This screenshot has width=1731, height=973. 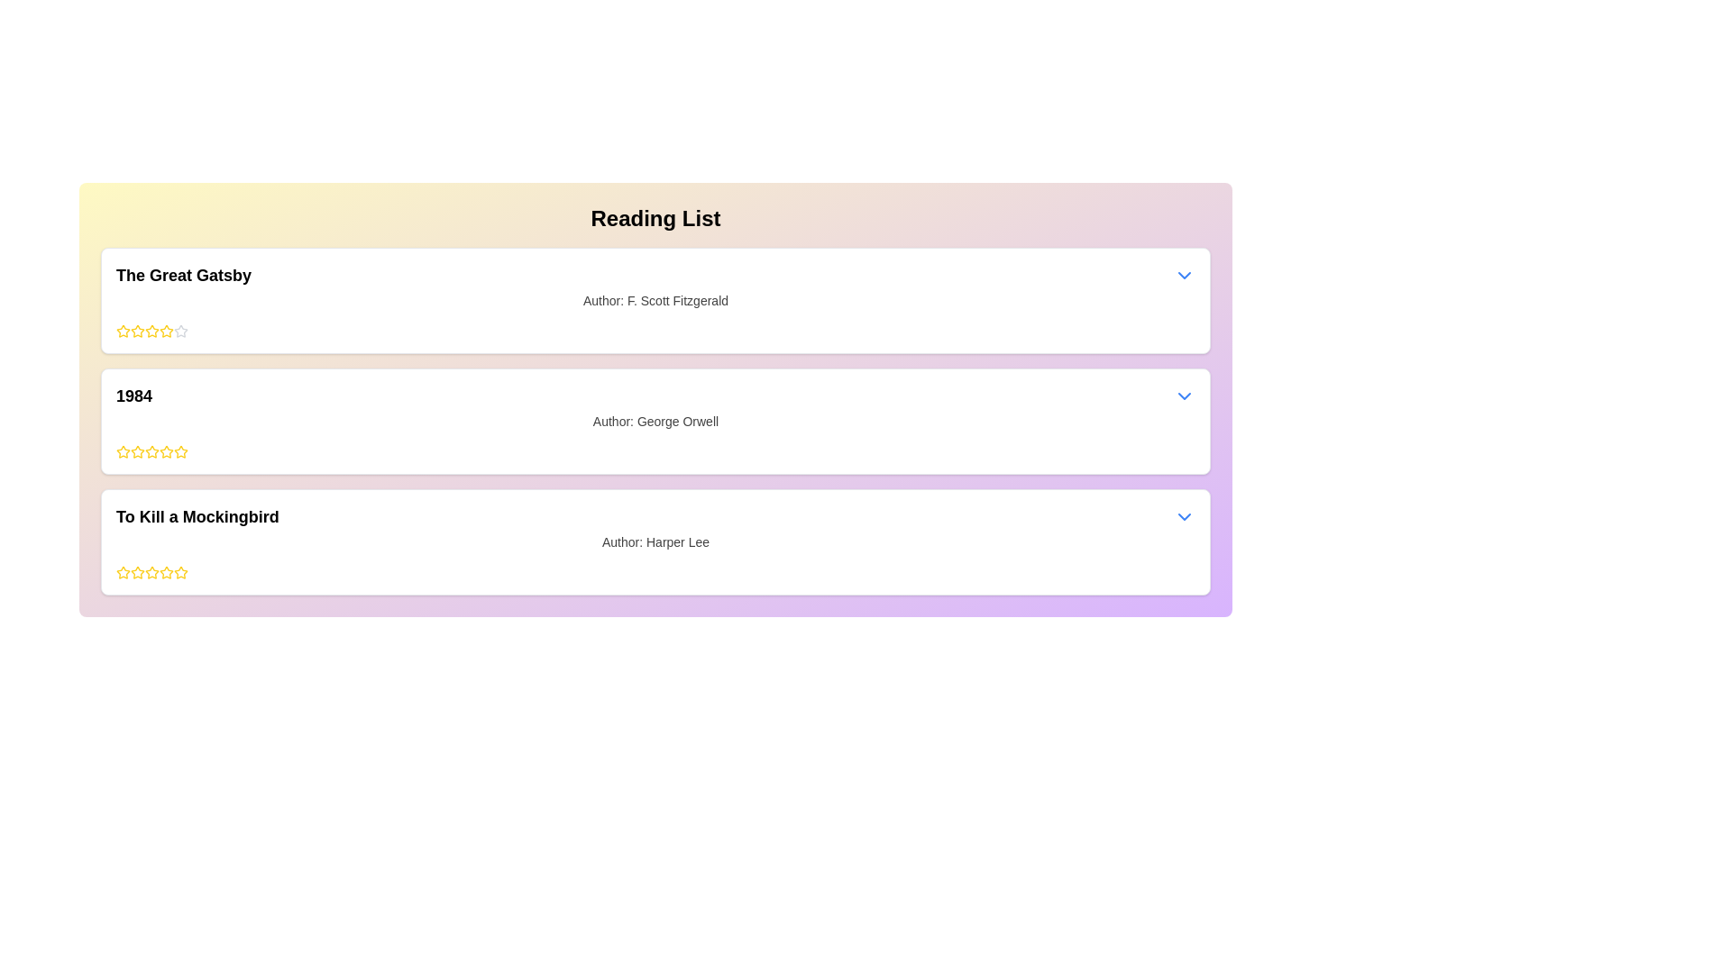 What do you see at coordinates (655, 421) in the screenshot?
I see `the non-interactive text label that informs the user about the author of the book '1984', which is centrally aligned below the title of the book` at bounding box center [655, 421].